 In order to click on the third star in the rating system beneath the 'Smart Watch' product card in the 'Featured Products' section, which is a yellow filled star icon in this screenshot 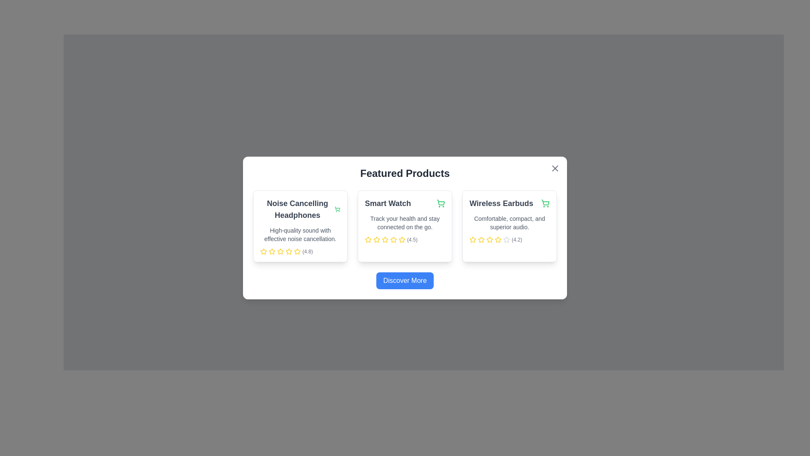, I will do `click(393, 239)`.